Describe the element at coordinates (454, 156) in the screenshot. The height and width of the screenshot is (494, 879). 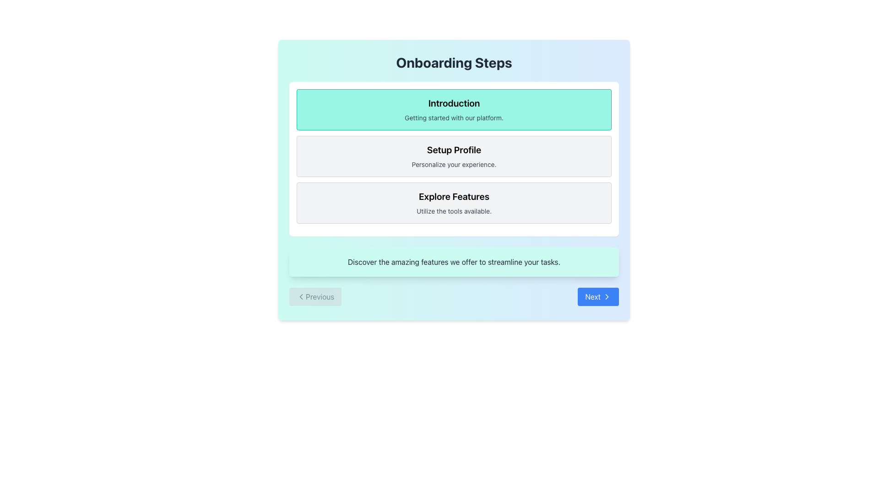
I see `text in the descriptive box titled 'Setup Profile' which contains the description 'Personalize your experience.'` at that location.